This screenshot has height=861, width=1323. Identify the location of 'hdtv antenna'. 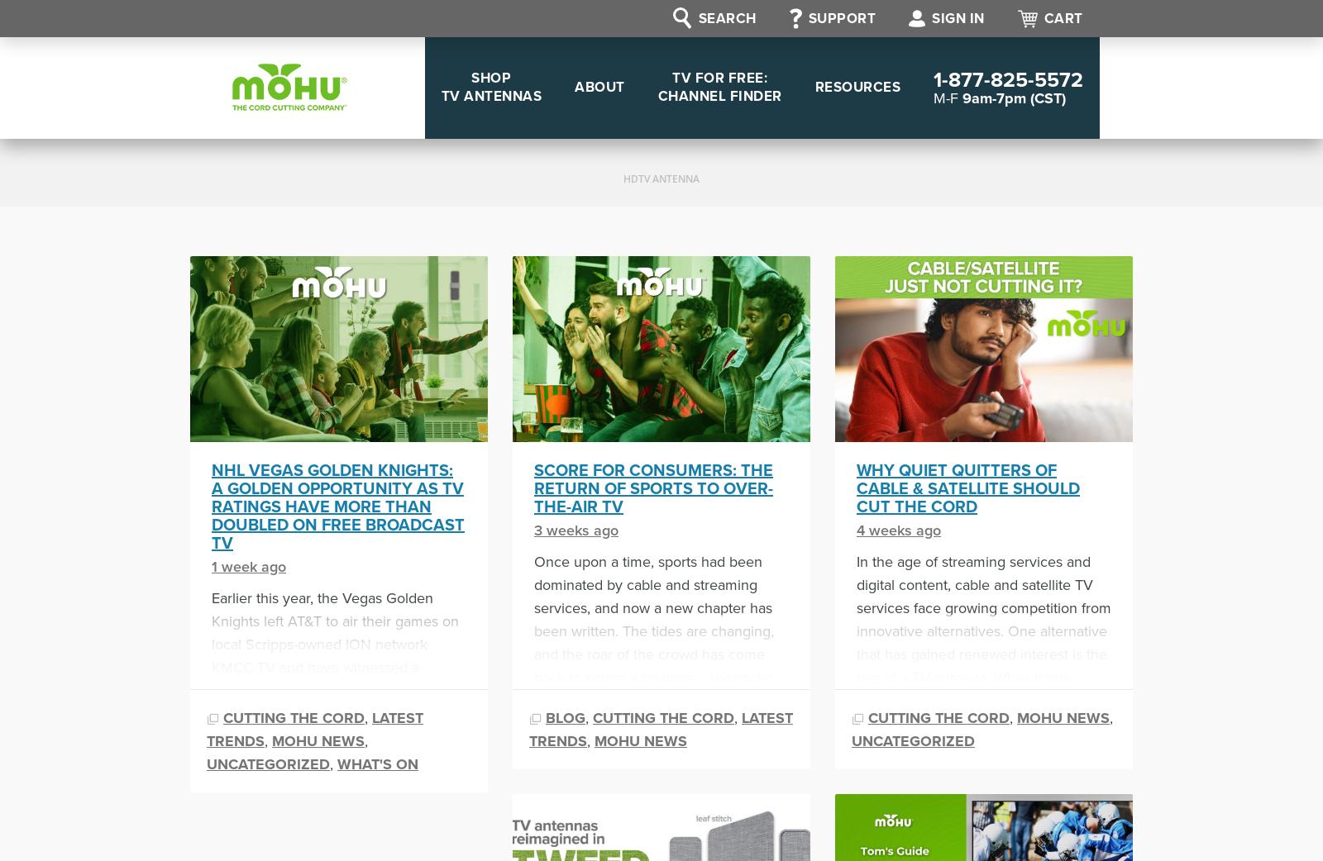
(623, 177).